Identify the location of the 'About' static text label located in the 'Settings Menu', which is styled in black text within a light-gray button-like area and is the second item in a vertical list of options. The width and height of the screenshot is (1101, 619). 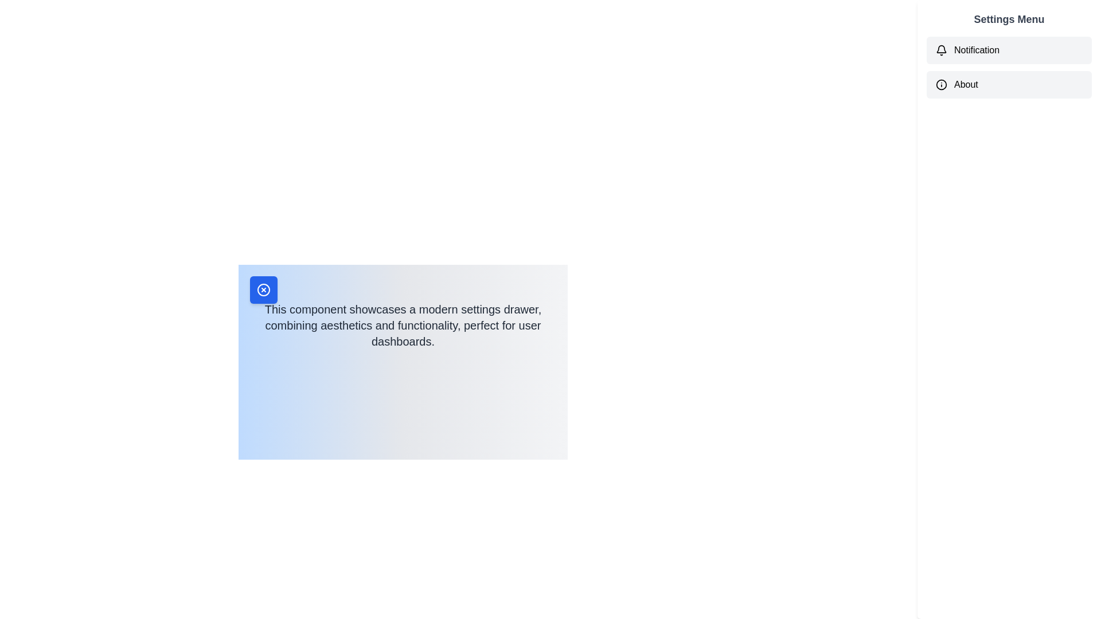
(965, 84).